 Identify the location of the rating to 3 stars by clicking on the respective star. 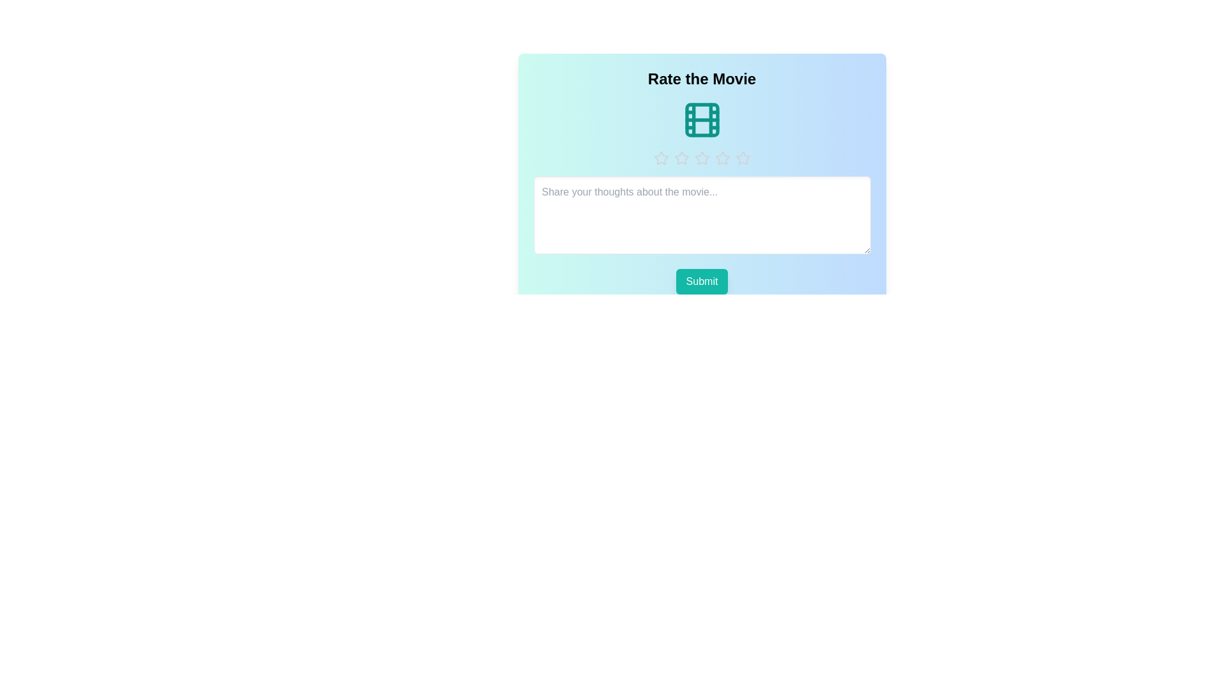
(701, 157).